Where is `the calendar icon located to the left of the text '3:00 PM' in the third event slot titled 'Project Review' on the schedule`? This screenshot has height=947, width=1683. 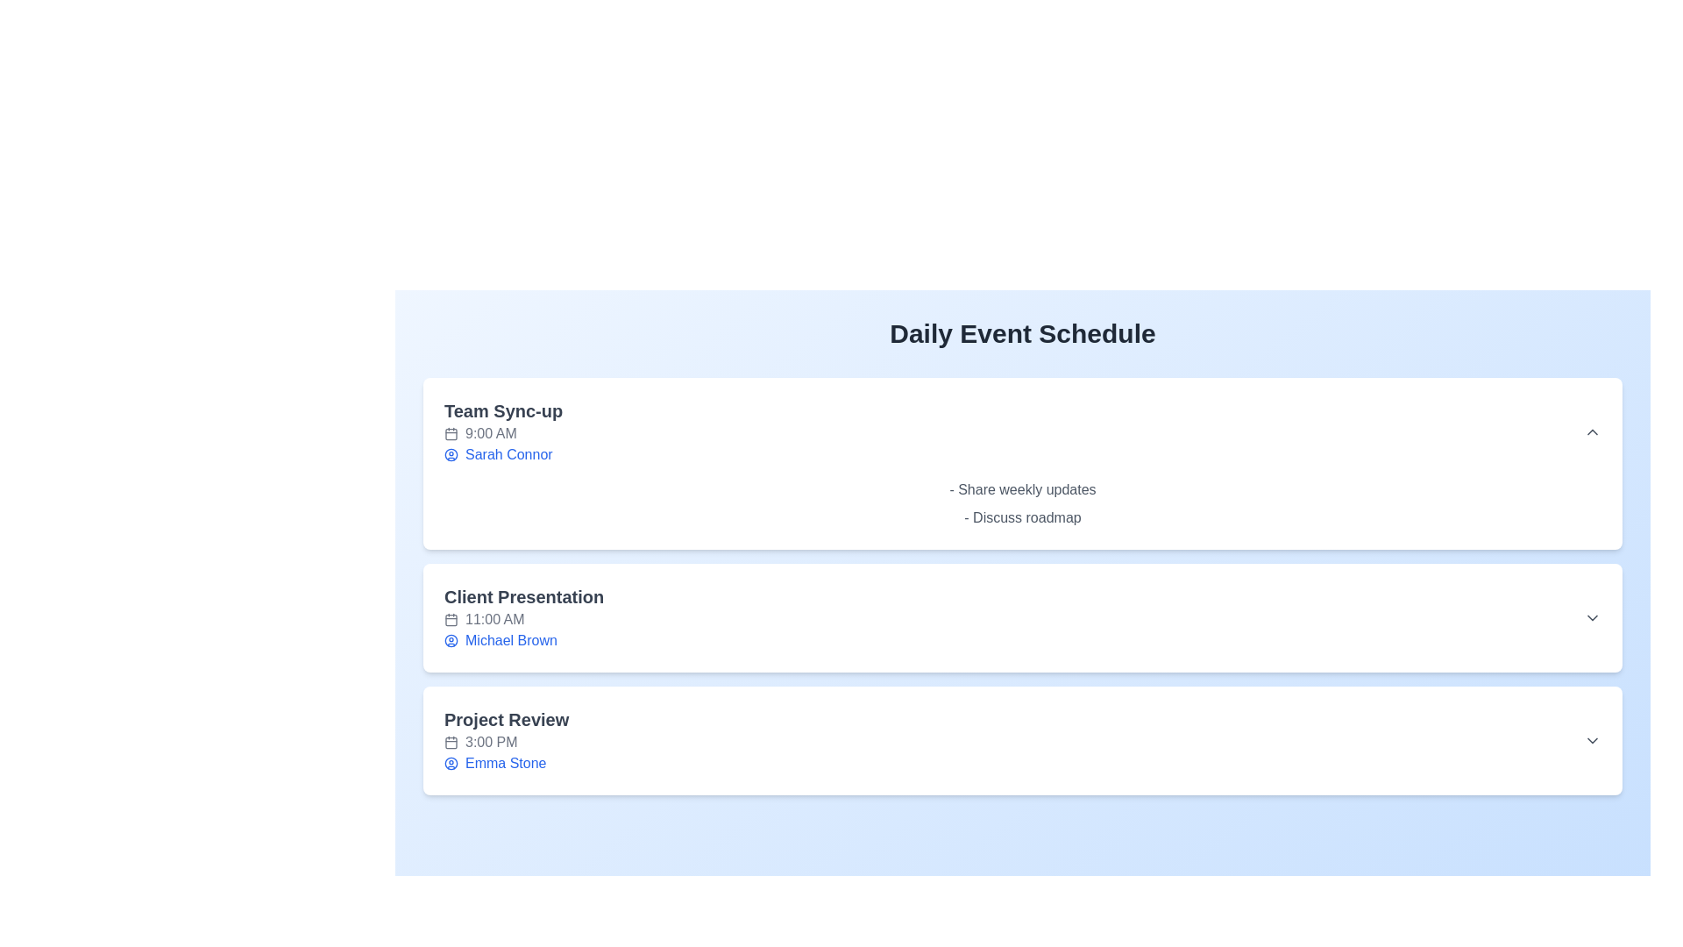
the calendar icon located to the left of the text '3:00 PM' in the third event slot titled 'Project Review' on the schedule is located at coordinates (451, 743).